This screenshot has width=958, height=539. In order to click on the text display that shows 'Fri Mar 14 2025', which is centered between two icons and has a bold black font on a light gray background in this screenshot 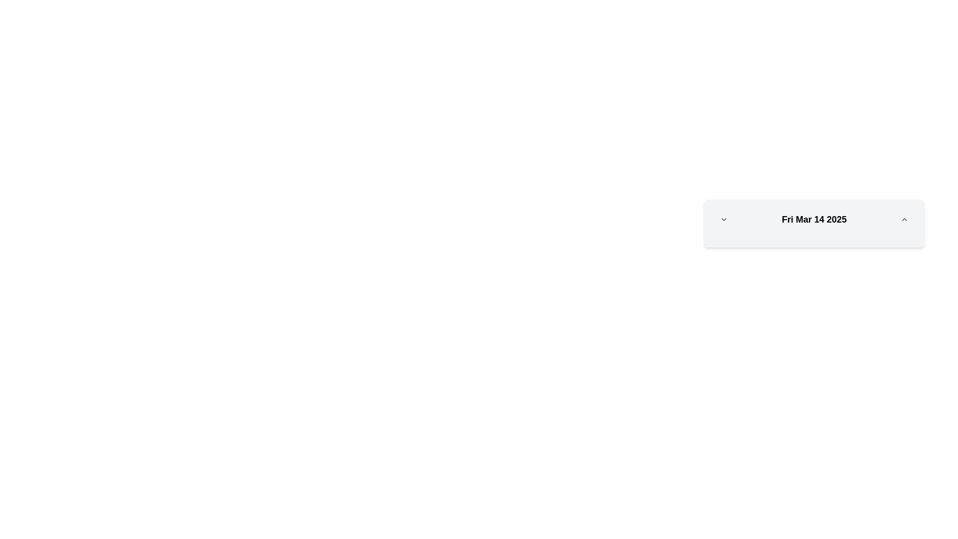, I will do `click(814, 219)`.